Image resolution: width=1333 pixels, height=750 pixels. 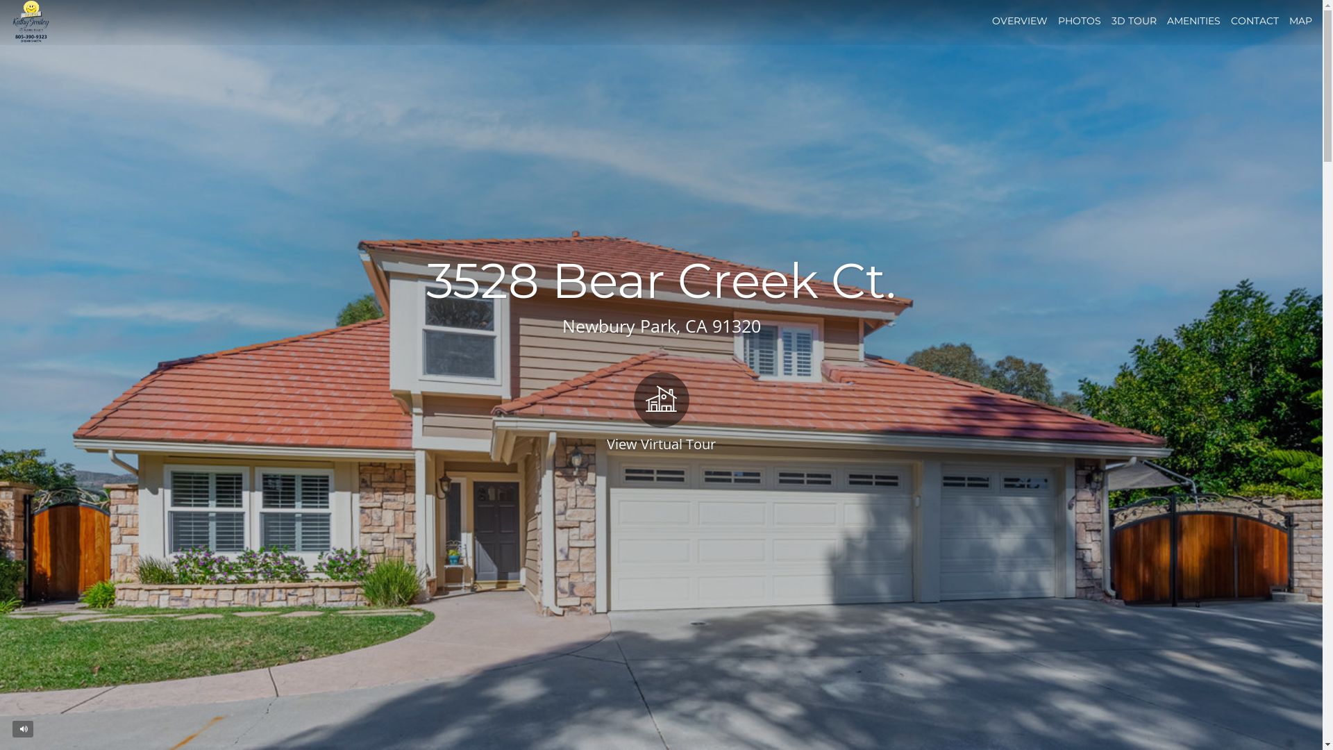 What do you see at coordinates (1193, 21) in the screenshot?
I see `'AMENITIES'` at bounding box center [1193, 21].